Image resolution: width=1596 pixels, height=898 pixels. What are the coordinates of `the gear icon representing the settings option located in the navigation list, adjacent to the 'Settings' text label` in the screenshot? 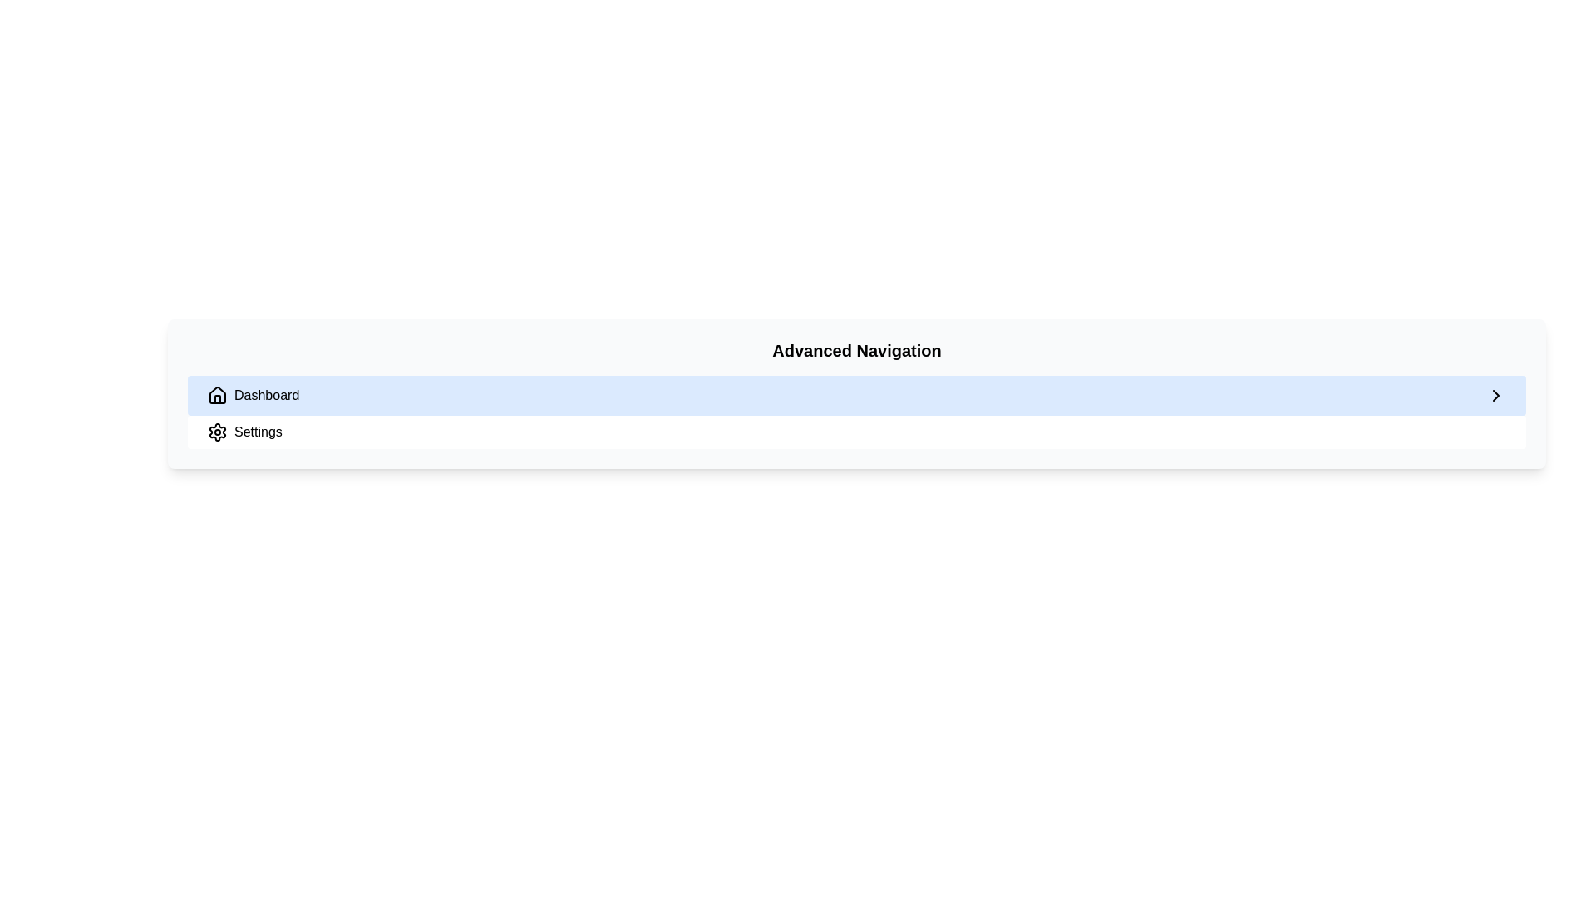 It's located at (217, 432).